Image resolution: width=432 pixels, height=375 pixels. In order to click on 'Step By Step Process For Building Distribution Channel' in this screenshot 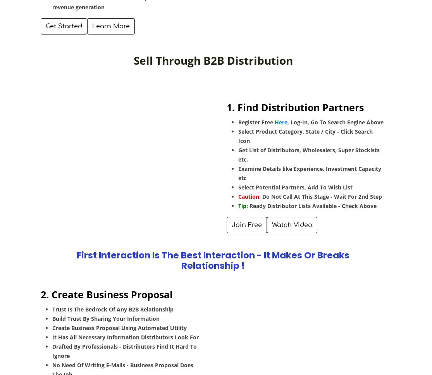, I will do `click(128, 89)`.